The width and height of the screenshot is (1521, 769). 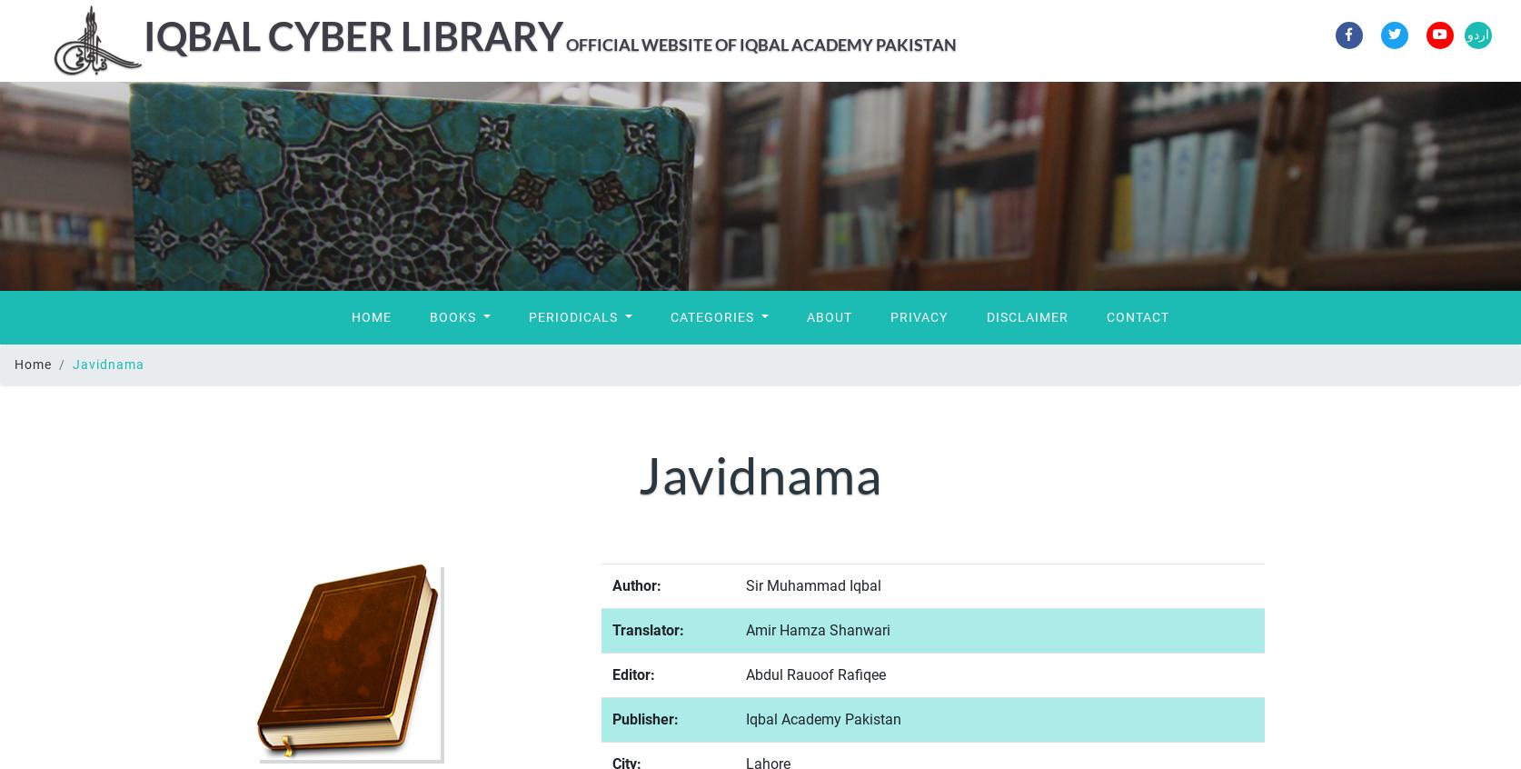 I want to click on 'Iqbal Cyber Library', so click(x=353, y=35).